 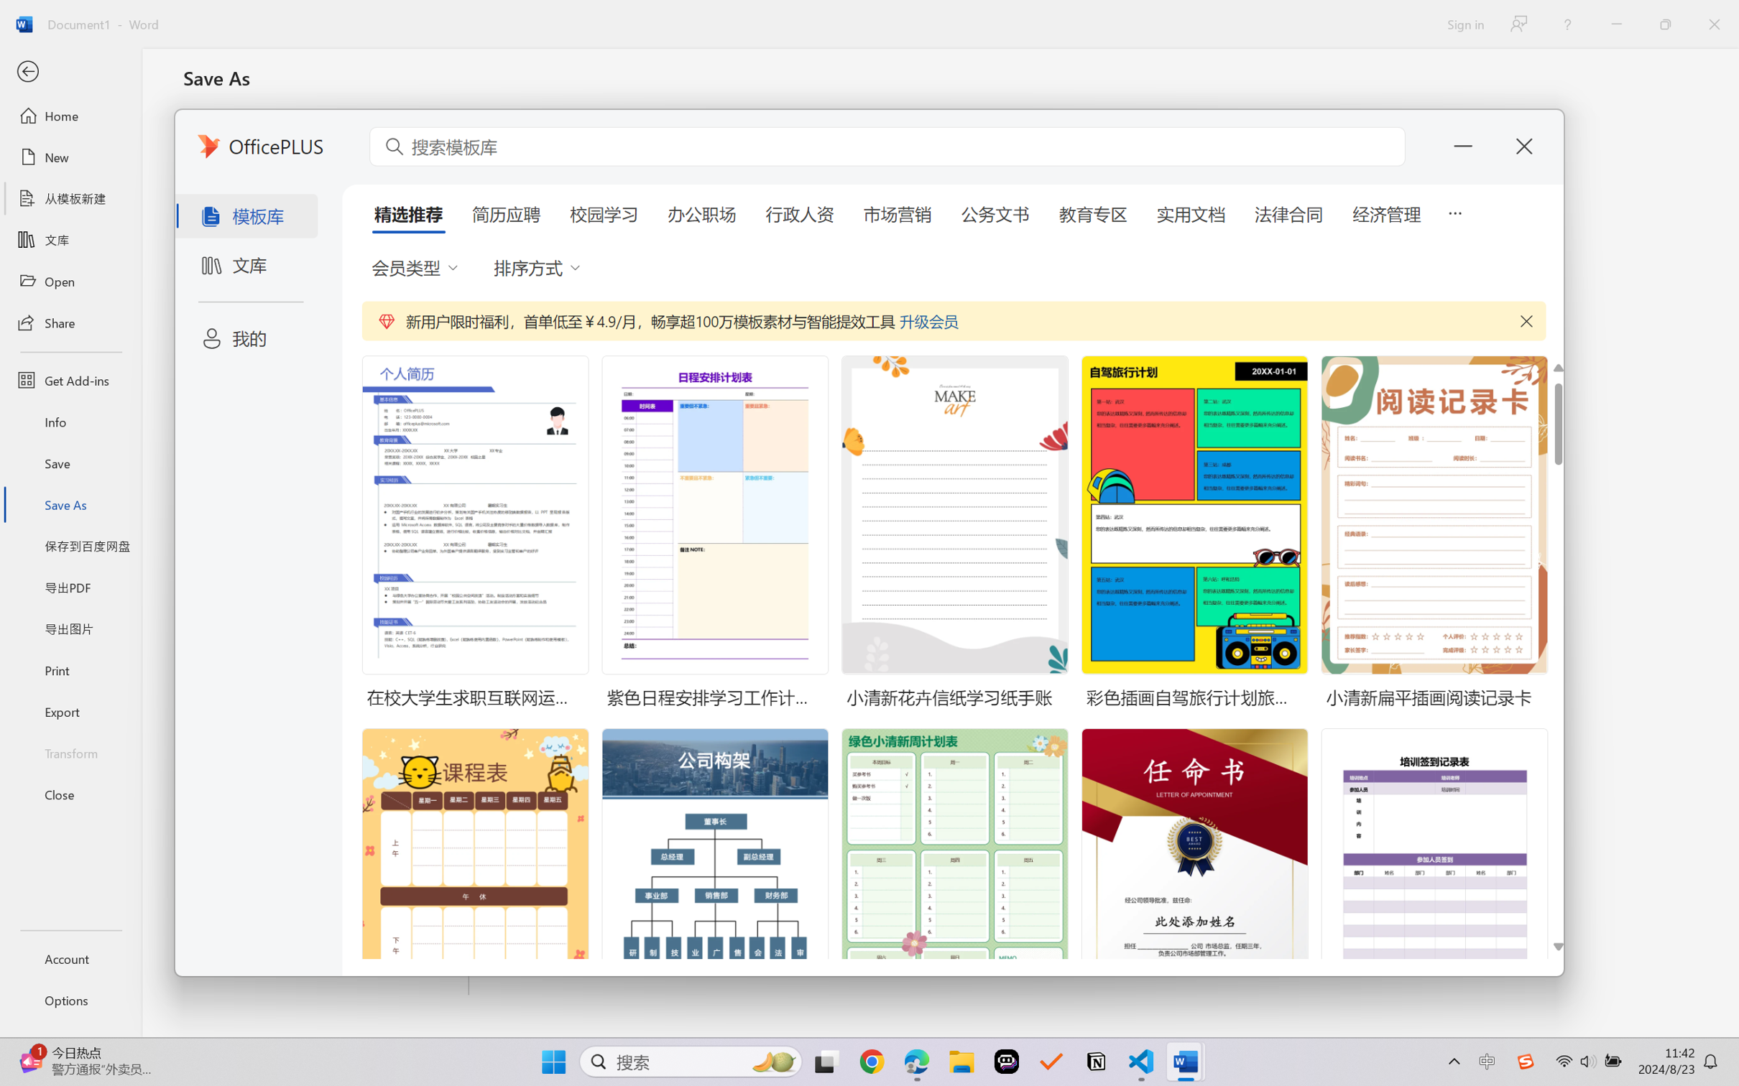 What do you see at coordinates (70, 379) in the screenshot?
I see `'Get Add-ins'` at bounding box center [70, 379].